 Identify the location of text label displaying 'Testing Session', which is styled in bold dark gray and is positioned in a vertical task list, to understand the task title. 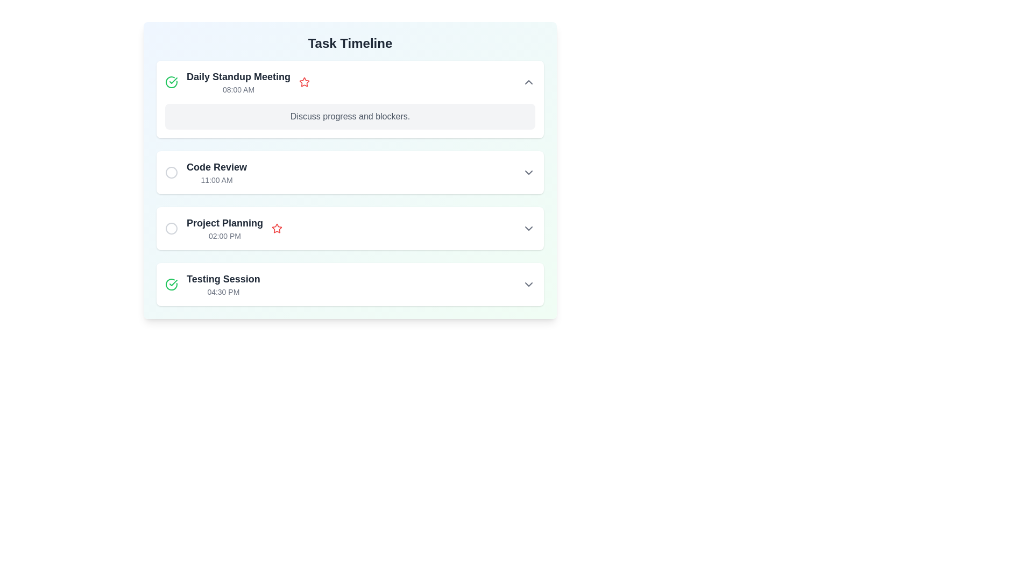
(223, 279).